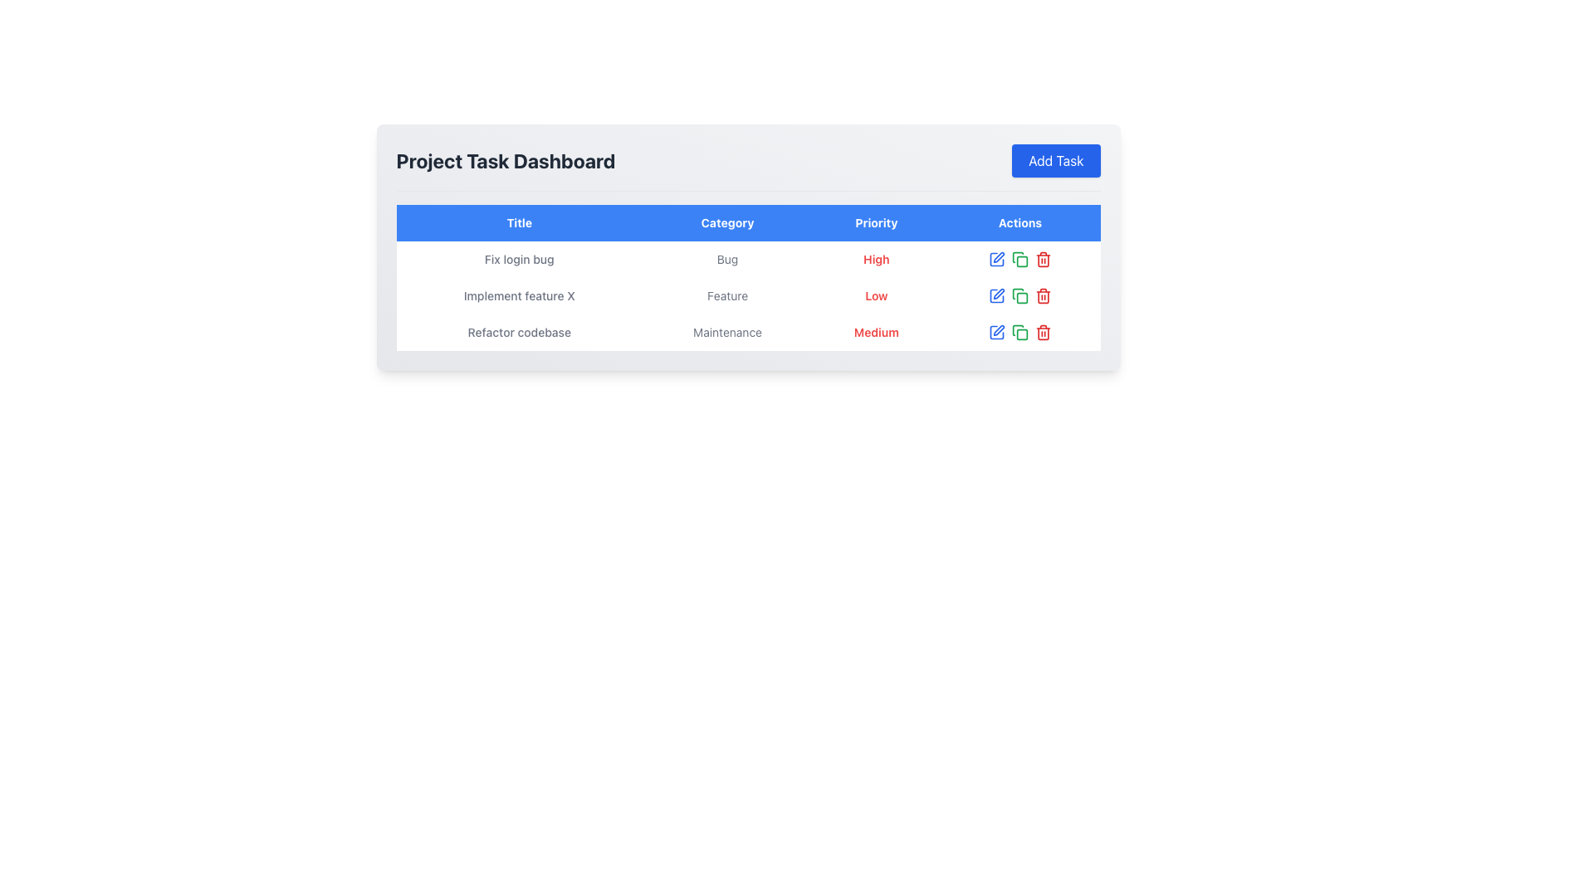 The image size is (1594, 896). Describe the element at coordinates (1055, 160) in the screenshot. I see `the 'Add Task' button located in the top-right corner of the 'Project Task Dashboard' section using keyboard navigation` at that location.